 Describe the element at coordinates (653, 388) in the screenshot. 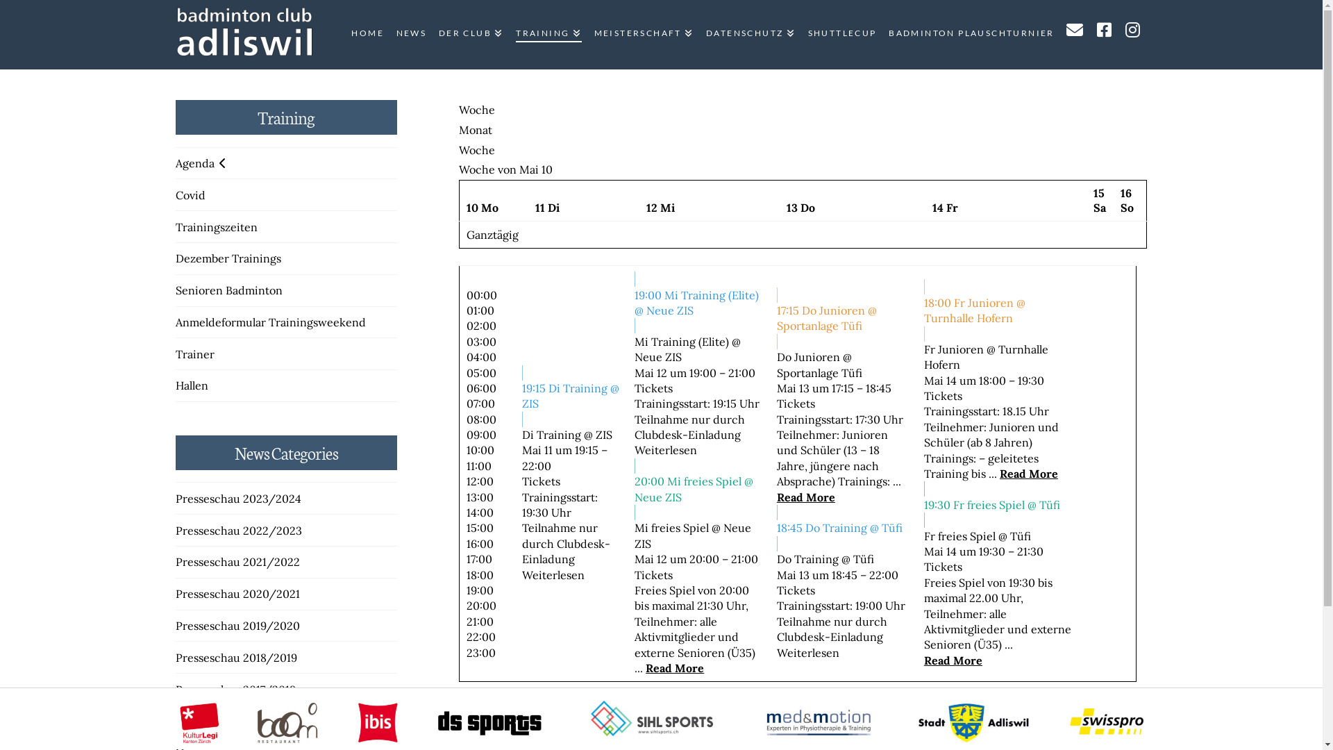

I see `'Tickets'` at that location.